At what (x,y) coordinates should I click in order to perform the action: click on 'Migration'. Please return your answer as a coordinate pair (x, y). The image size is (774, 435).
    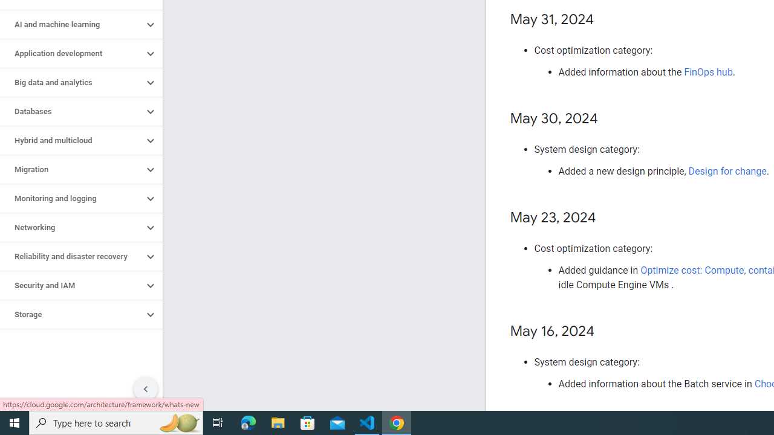
    Looking at the image, I should click on (71, 170).